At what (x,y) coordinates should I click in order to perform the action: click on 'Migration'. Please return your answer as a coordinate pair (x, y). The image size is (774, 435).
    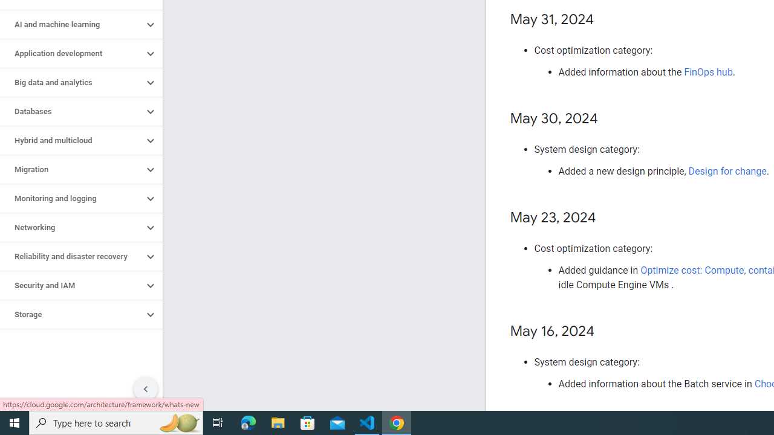
    Looking at the image, I should click on (71, 170).